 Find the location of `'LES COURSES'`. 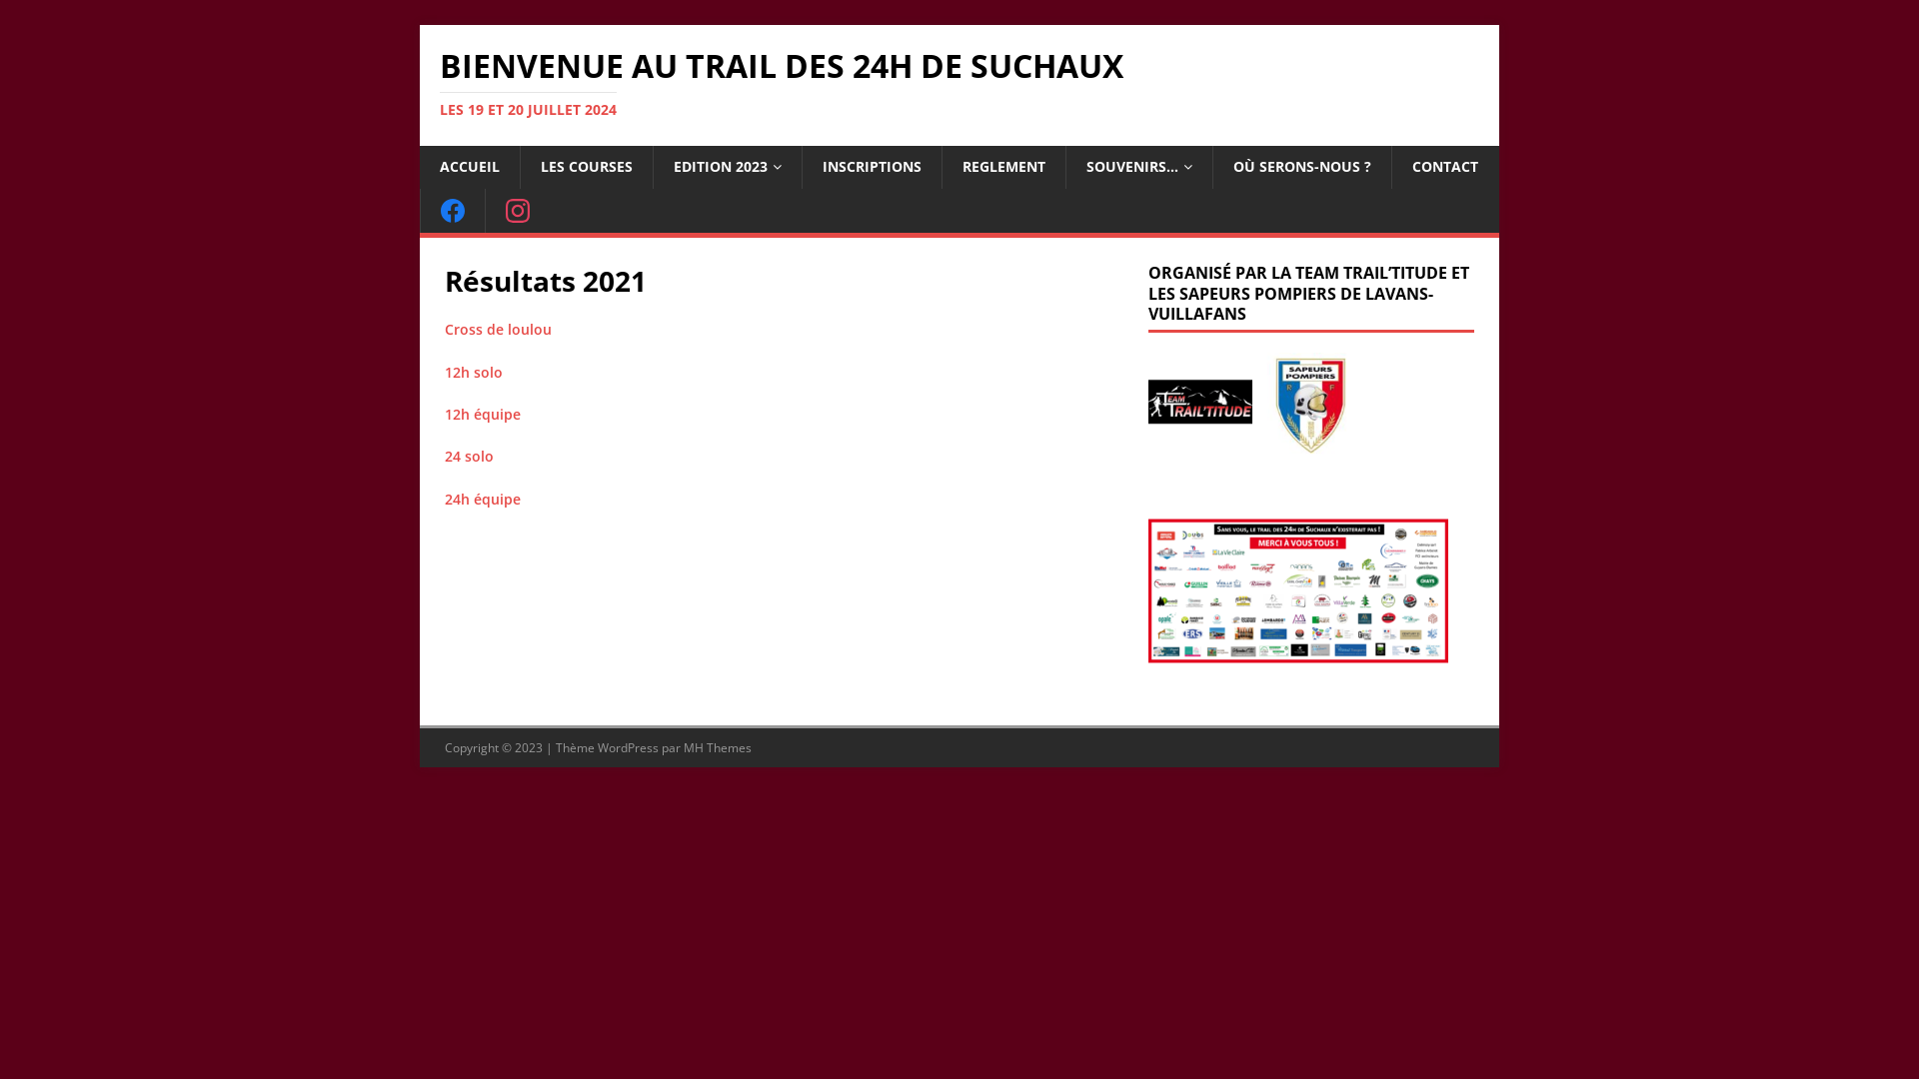

'LES COURSES' is located at coordinates (585, 165).